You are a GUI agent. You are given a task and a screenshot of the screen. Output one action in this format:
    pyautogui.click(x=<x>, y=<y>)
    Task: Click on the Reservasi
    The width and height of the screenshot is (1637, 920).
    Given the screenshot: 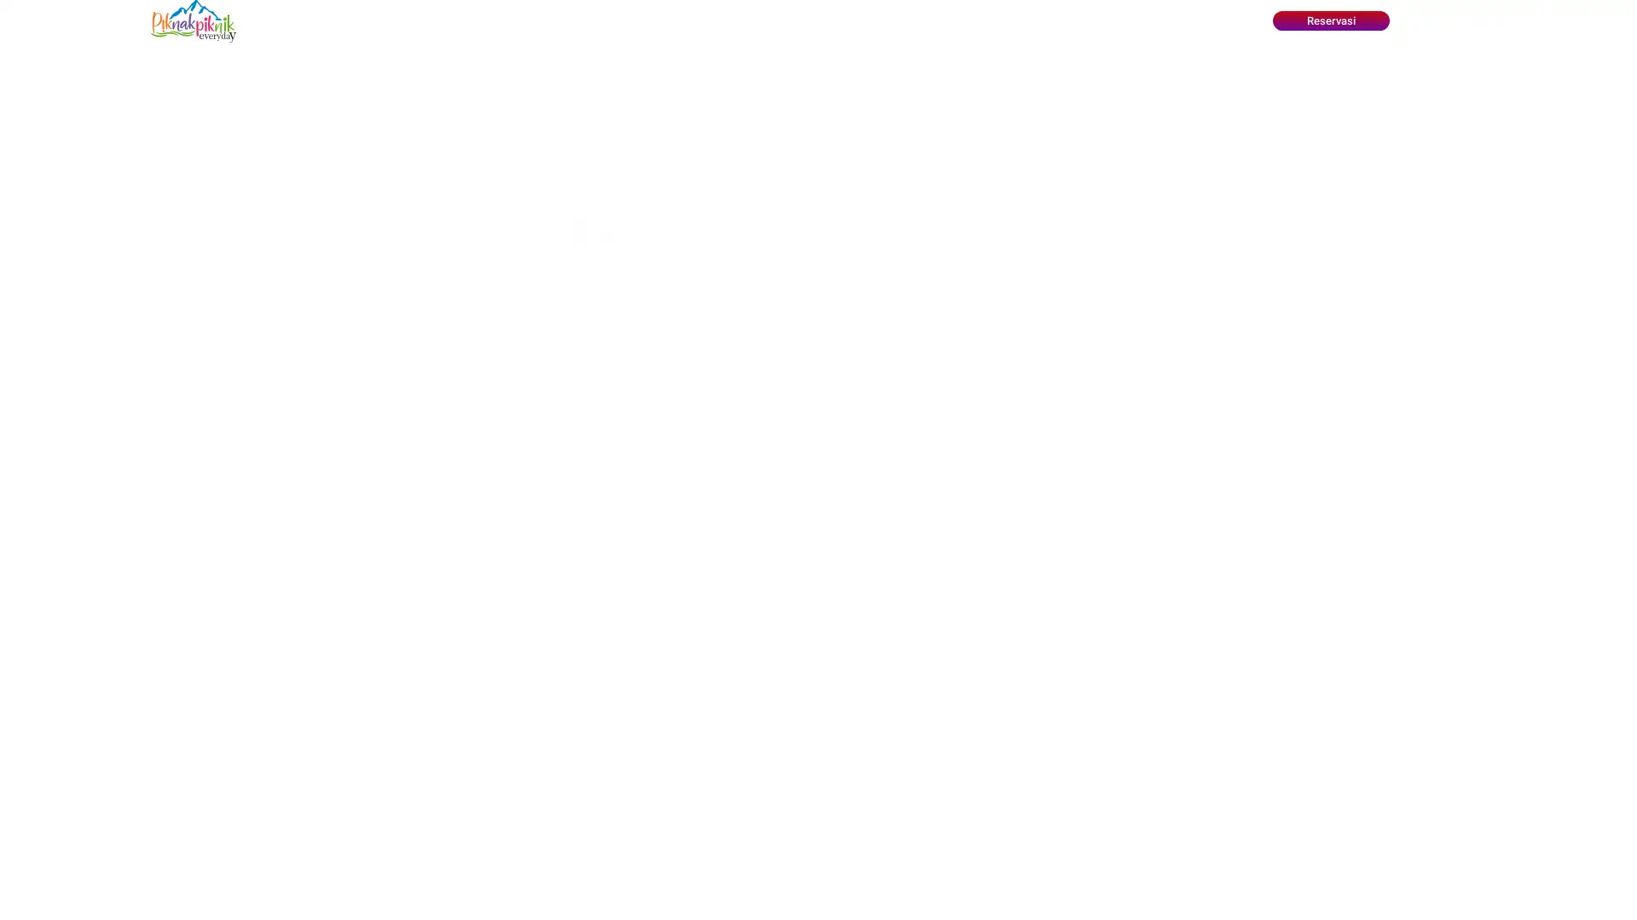 What is the action you would take?
    pyautogui.click(x=1329, y=20)
    